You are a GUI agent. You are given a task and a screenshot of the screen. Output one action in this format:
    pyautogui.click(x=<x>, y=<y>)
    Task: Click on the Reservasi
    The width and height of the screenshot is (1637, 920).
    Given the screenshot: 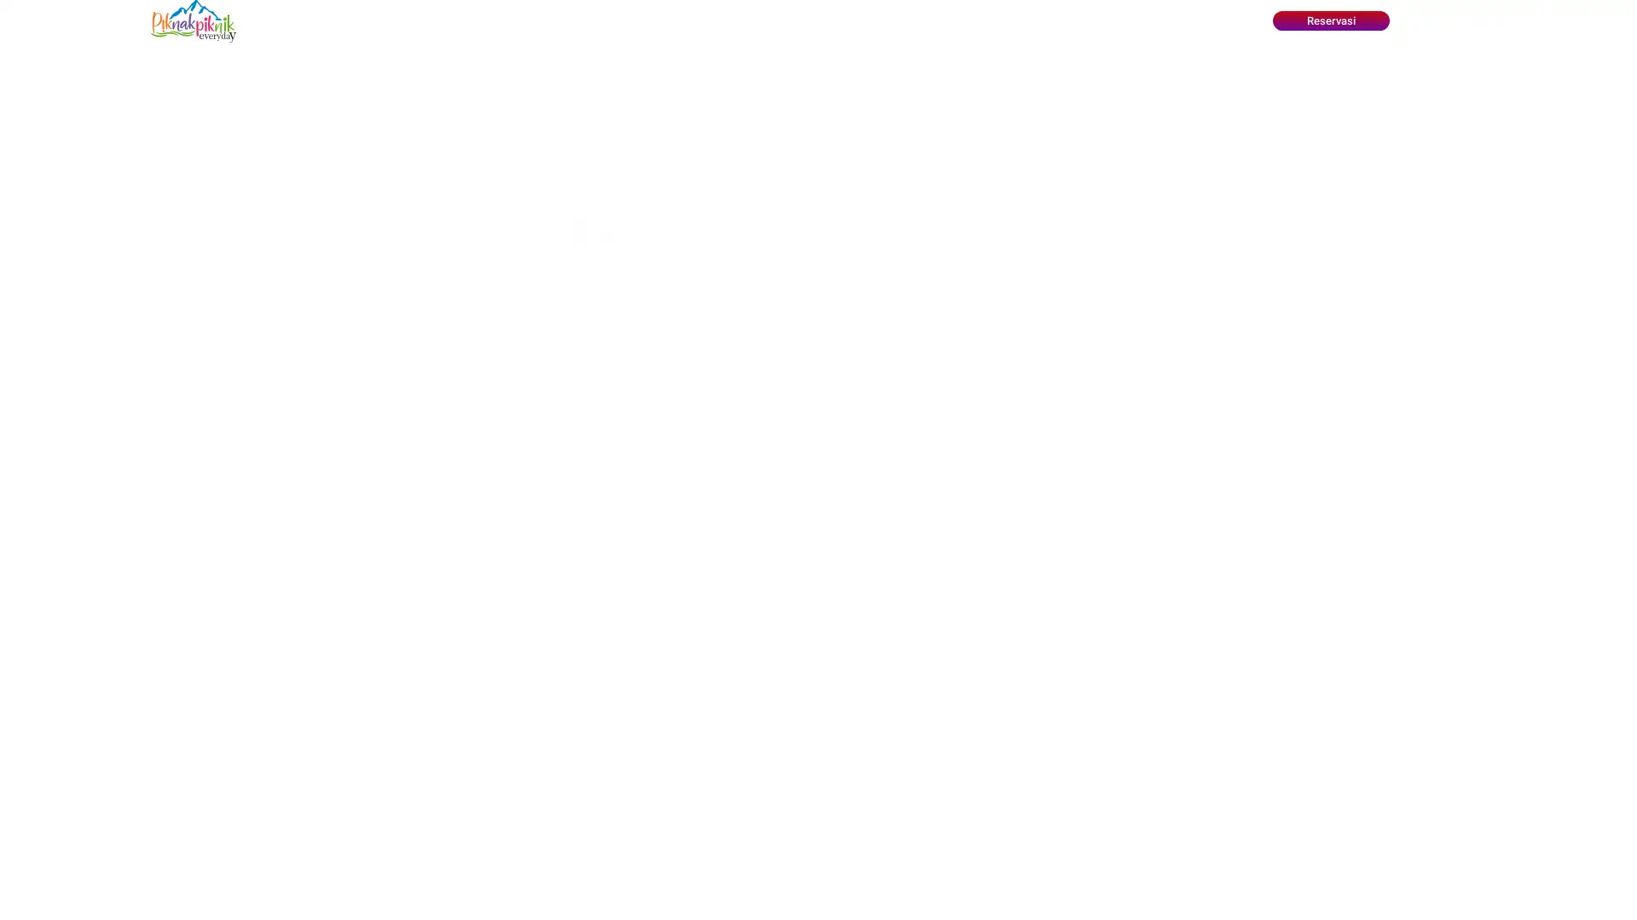 What is the action you would take?
    pyautogui.click(x=1329, y=20)
    